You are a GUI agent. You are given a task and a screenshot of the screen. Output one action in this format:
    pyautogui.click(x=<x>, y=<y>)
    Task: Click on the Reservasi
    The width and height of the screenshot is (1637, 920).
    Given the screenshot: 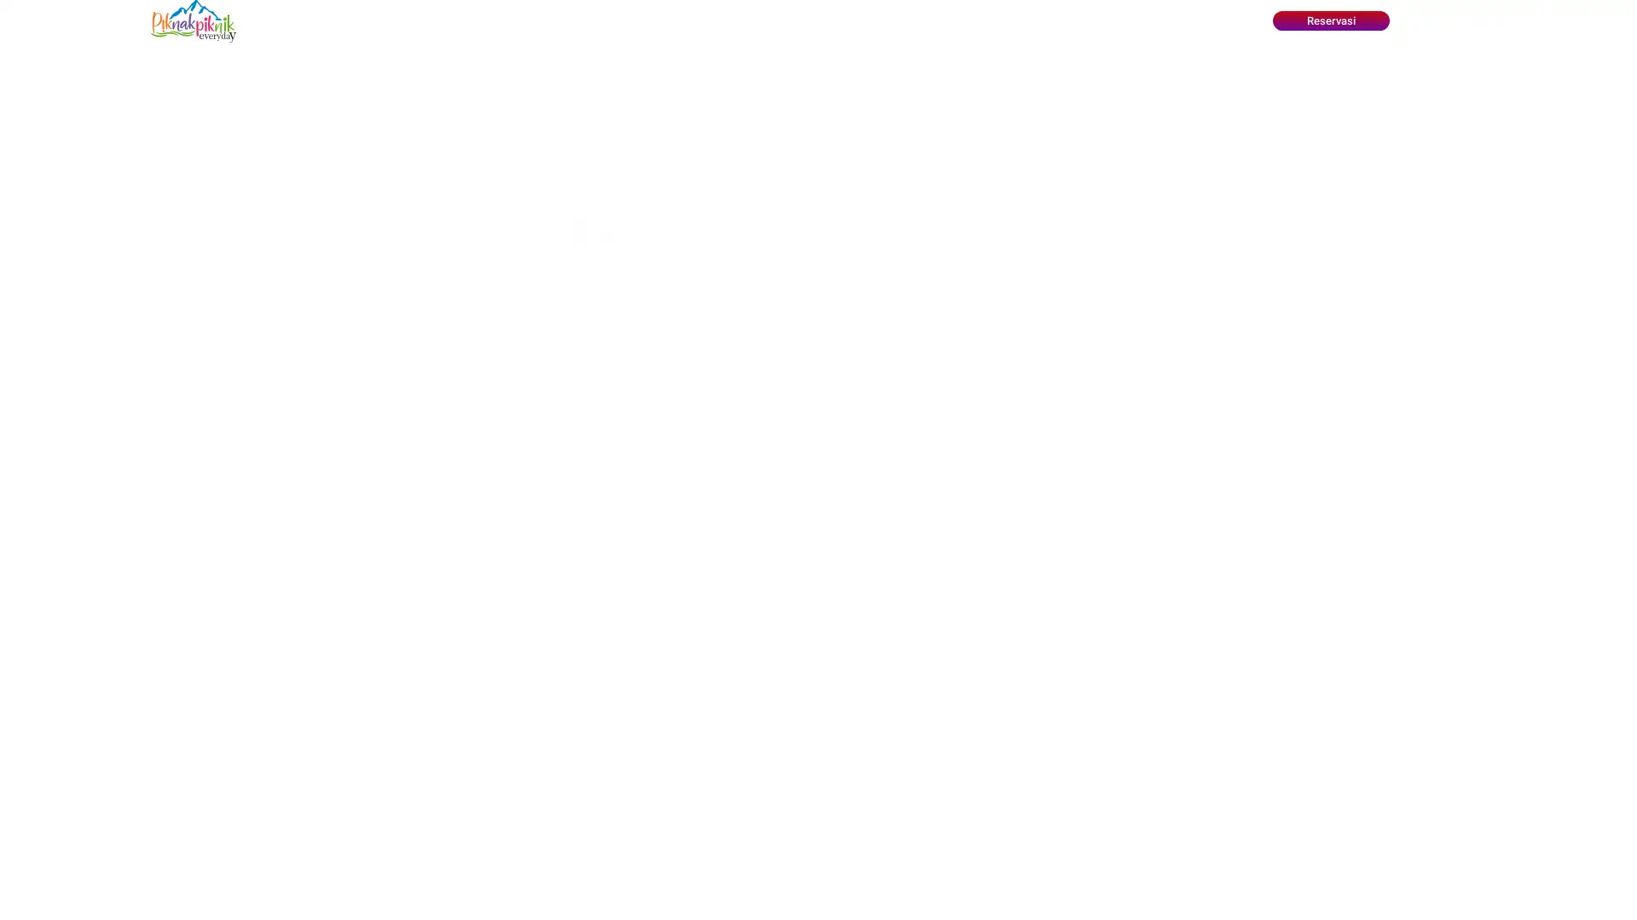 What is the action you would take?
    pyautogui.click(x=1329, y=20)
    